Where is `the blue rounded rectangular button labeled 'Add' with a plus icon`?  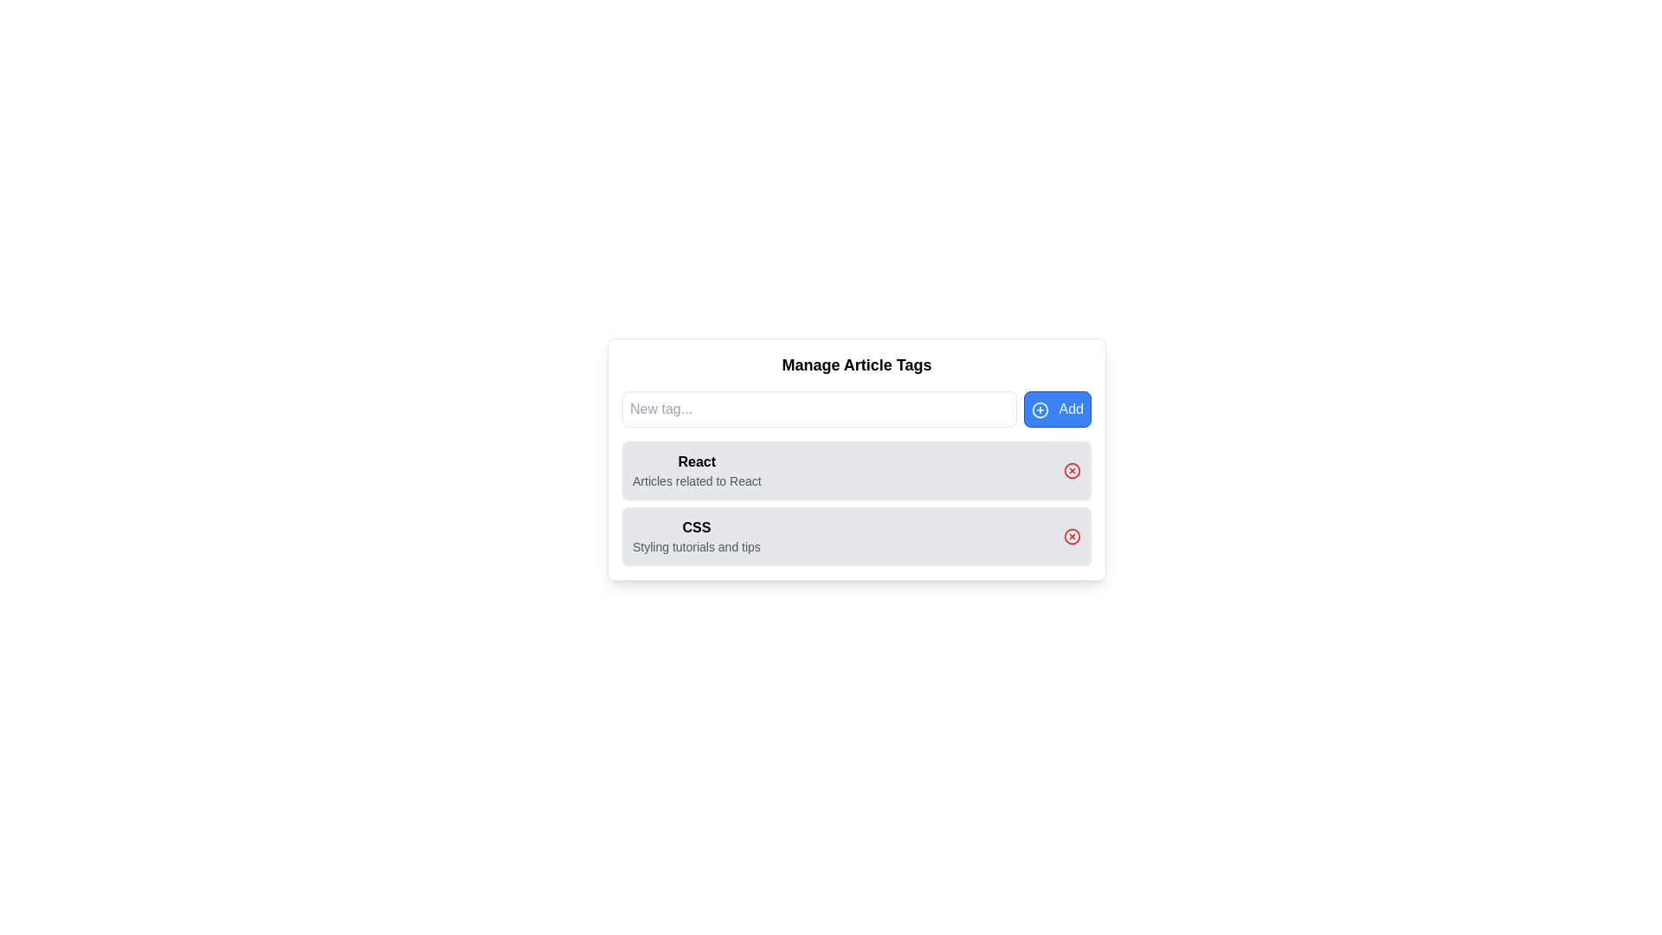
the blue rounded rectangular button labeled 'Add' with a plus icon is located at coordinates (1056, 409).